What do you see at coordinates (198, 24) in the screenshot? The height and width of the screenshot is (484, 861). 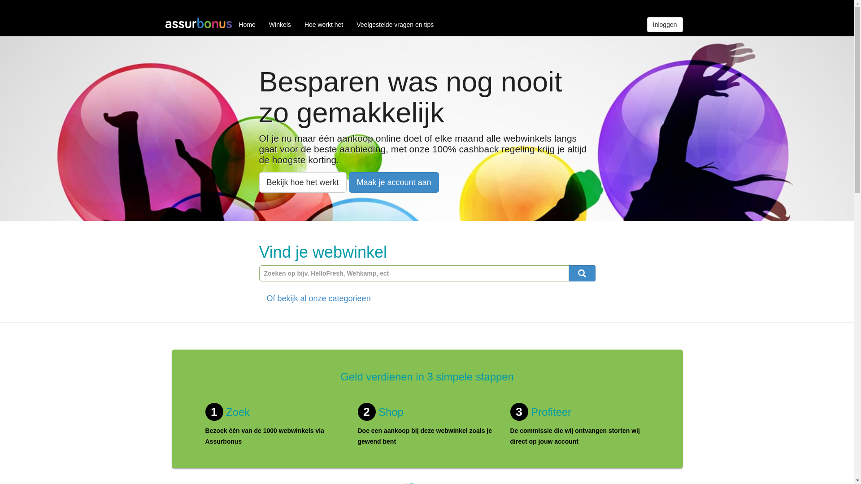 I see `'Assurbonus'` at bounding box center [198, 24].